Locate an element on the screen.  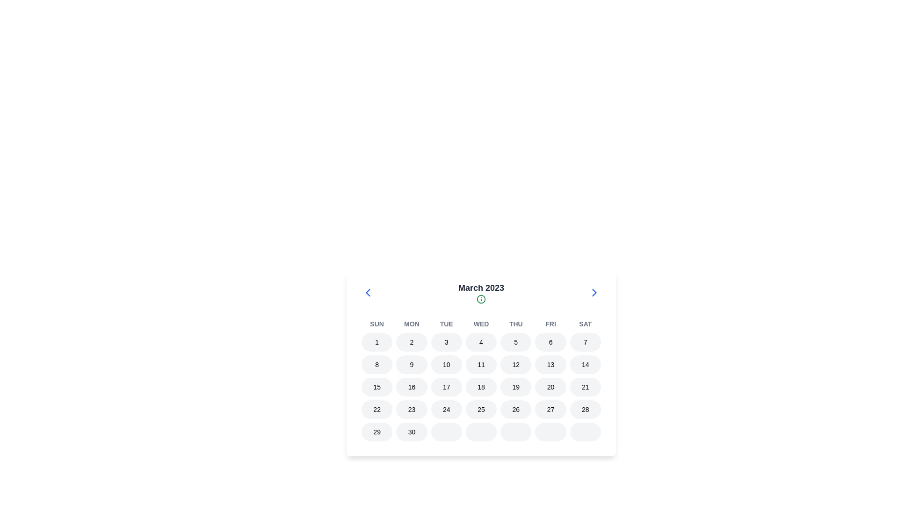
the circular button displaying the number '14' is located at coordinates (585, 364).